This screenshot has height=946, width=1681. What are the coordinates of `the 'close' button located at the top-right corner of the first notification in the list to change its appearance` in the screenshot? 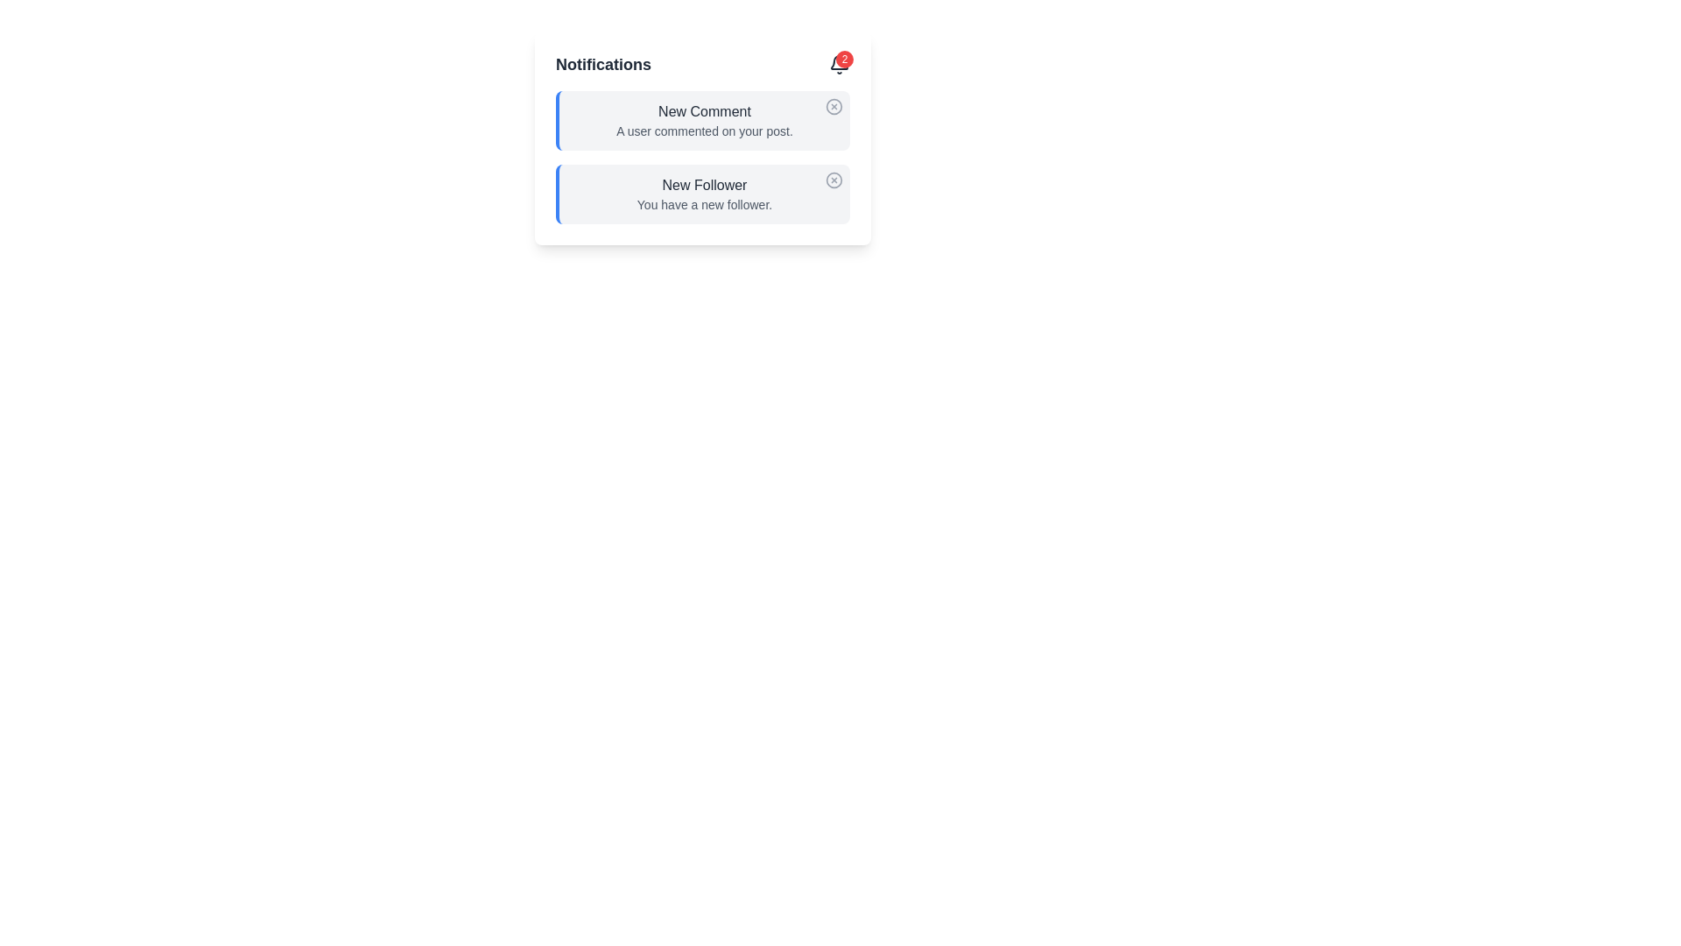 It's located at (833, 107).